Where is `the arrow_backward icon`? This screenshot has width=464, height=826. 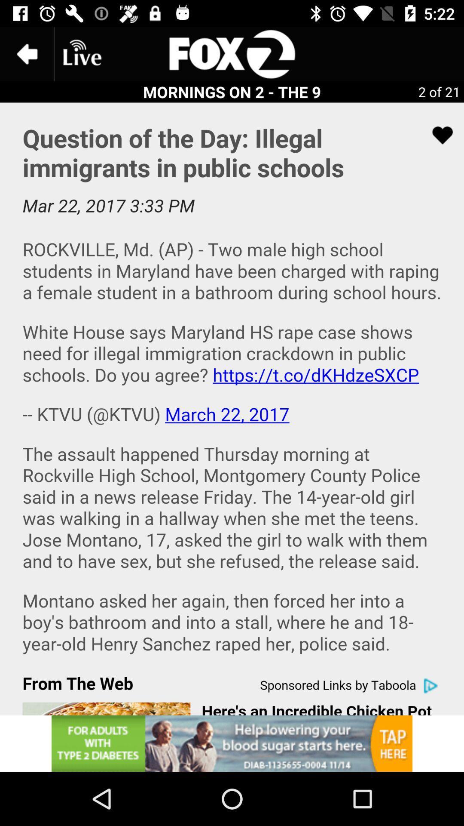
the arrow_backward icon is located at coordinates (26, 53).